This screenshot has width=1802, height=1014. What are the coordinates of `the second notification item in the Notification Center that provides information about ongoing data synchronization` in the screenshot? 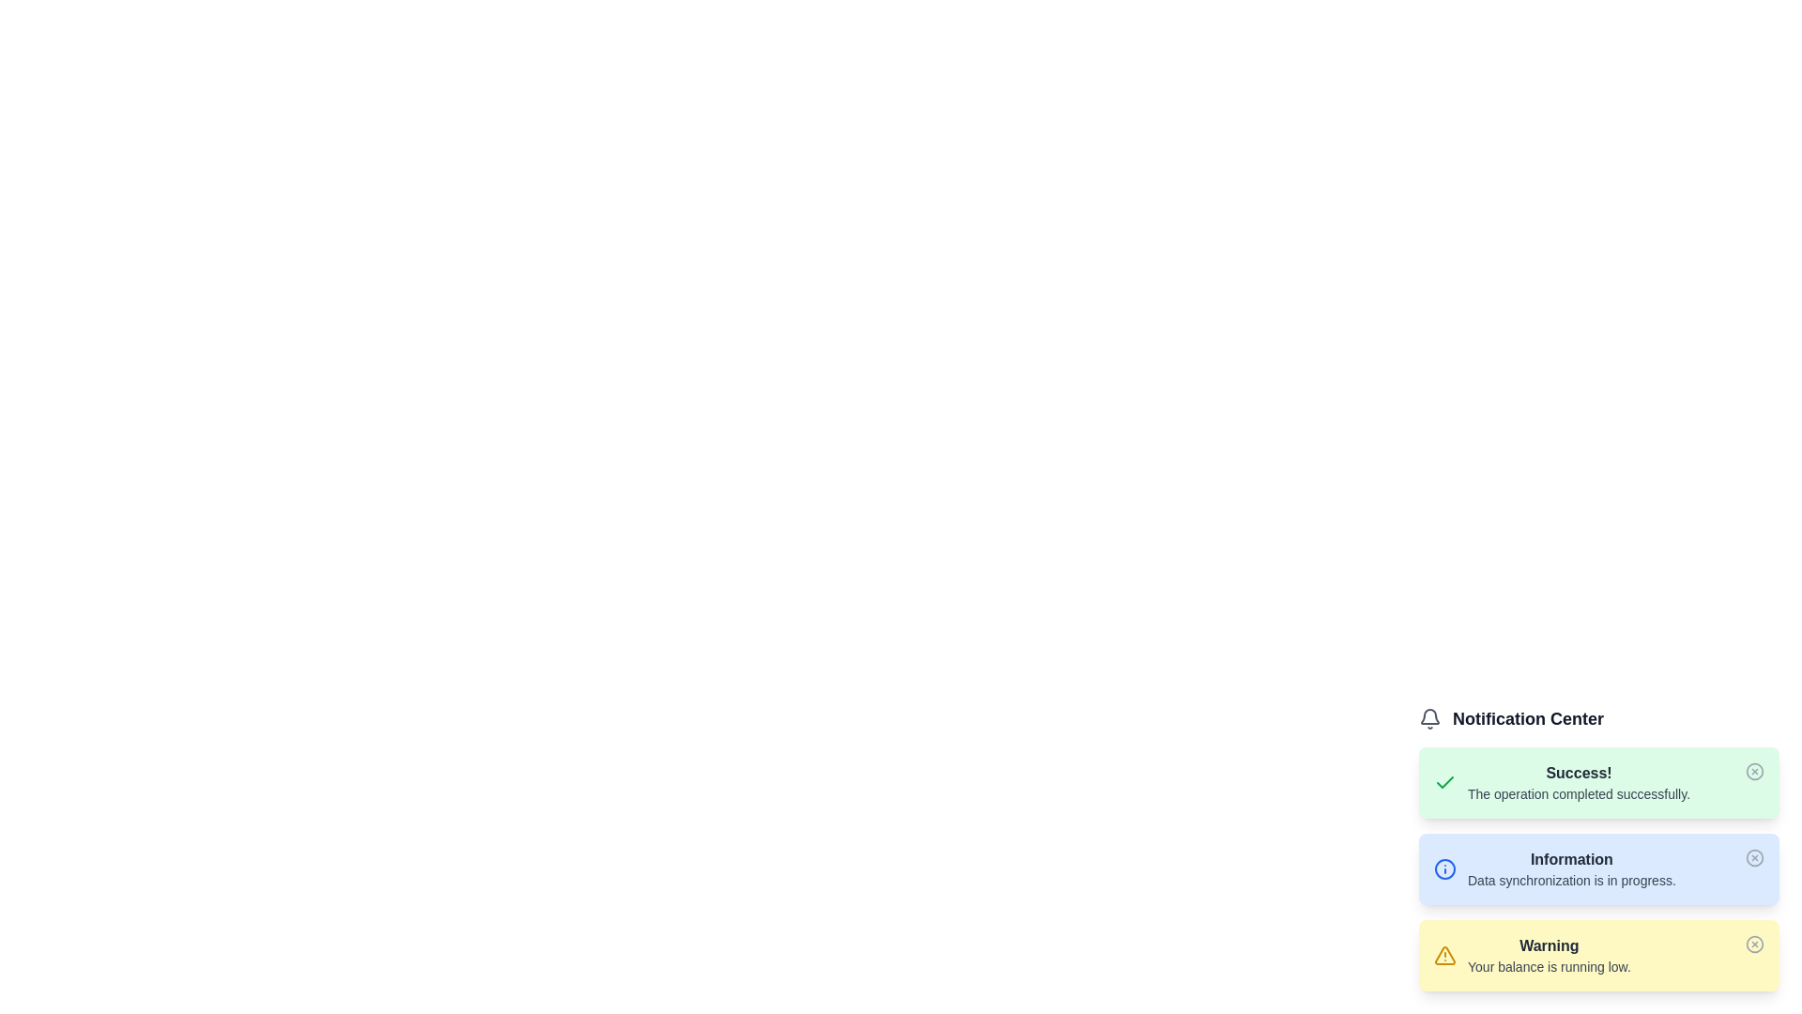 It's located at (1598, 848).